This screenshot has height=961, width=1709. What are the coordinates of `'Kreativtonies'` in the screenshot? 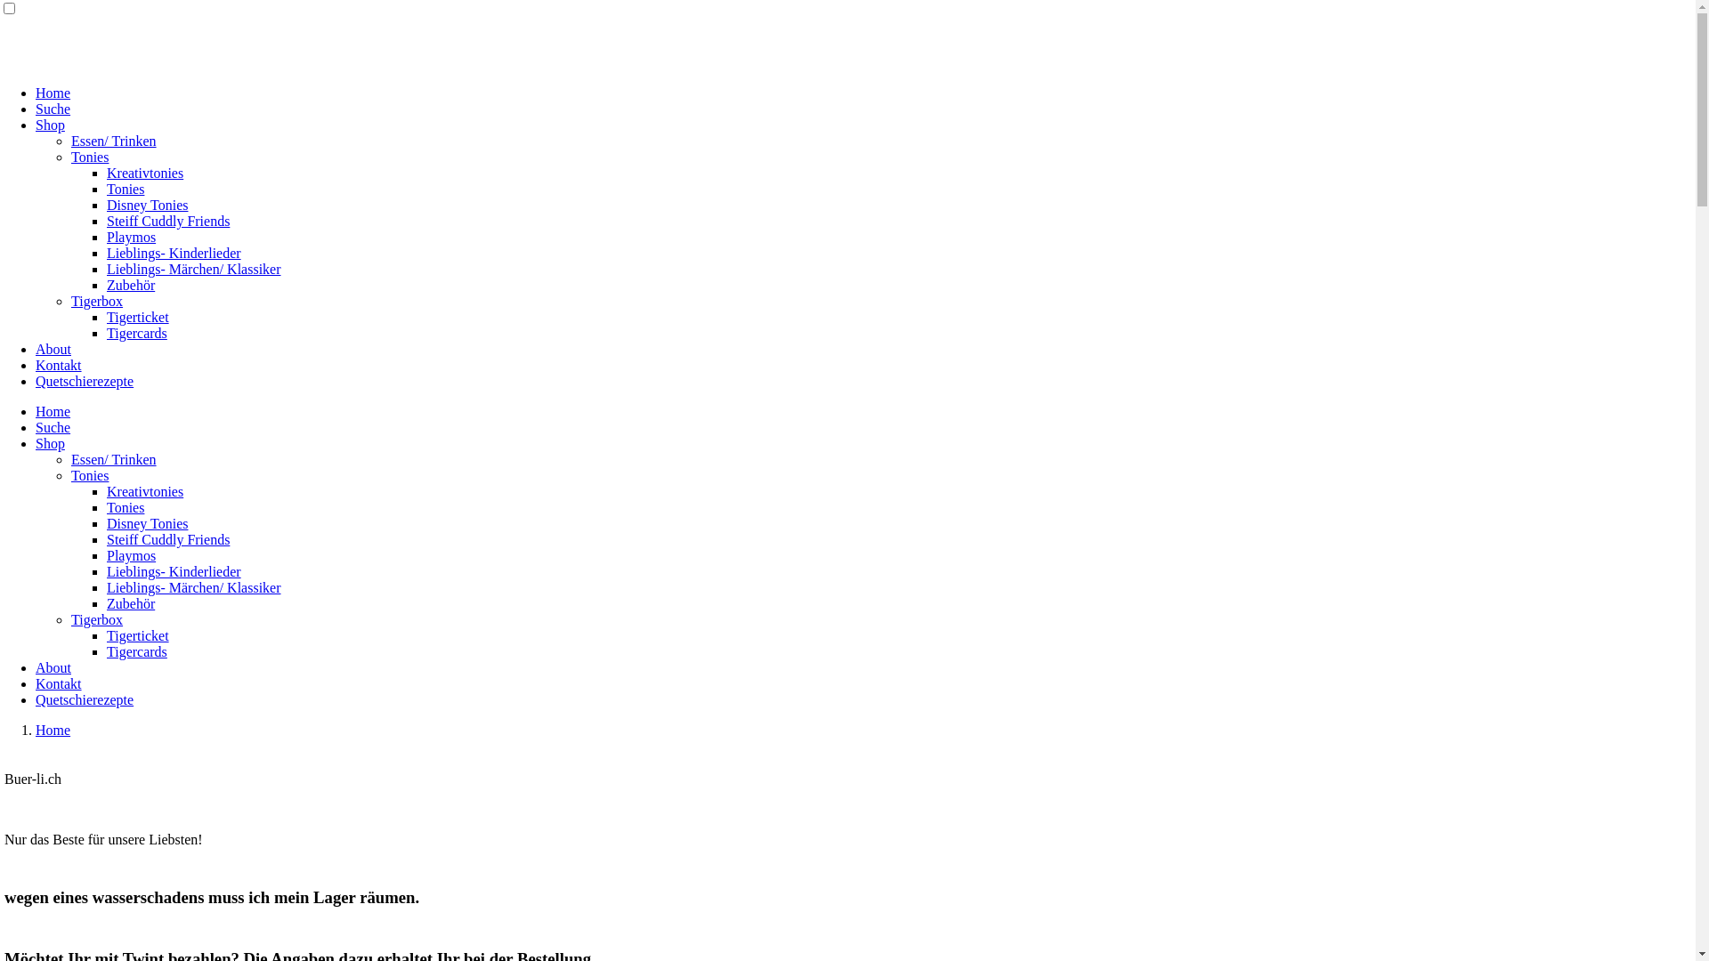 It's located at (145, 491).